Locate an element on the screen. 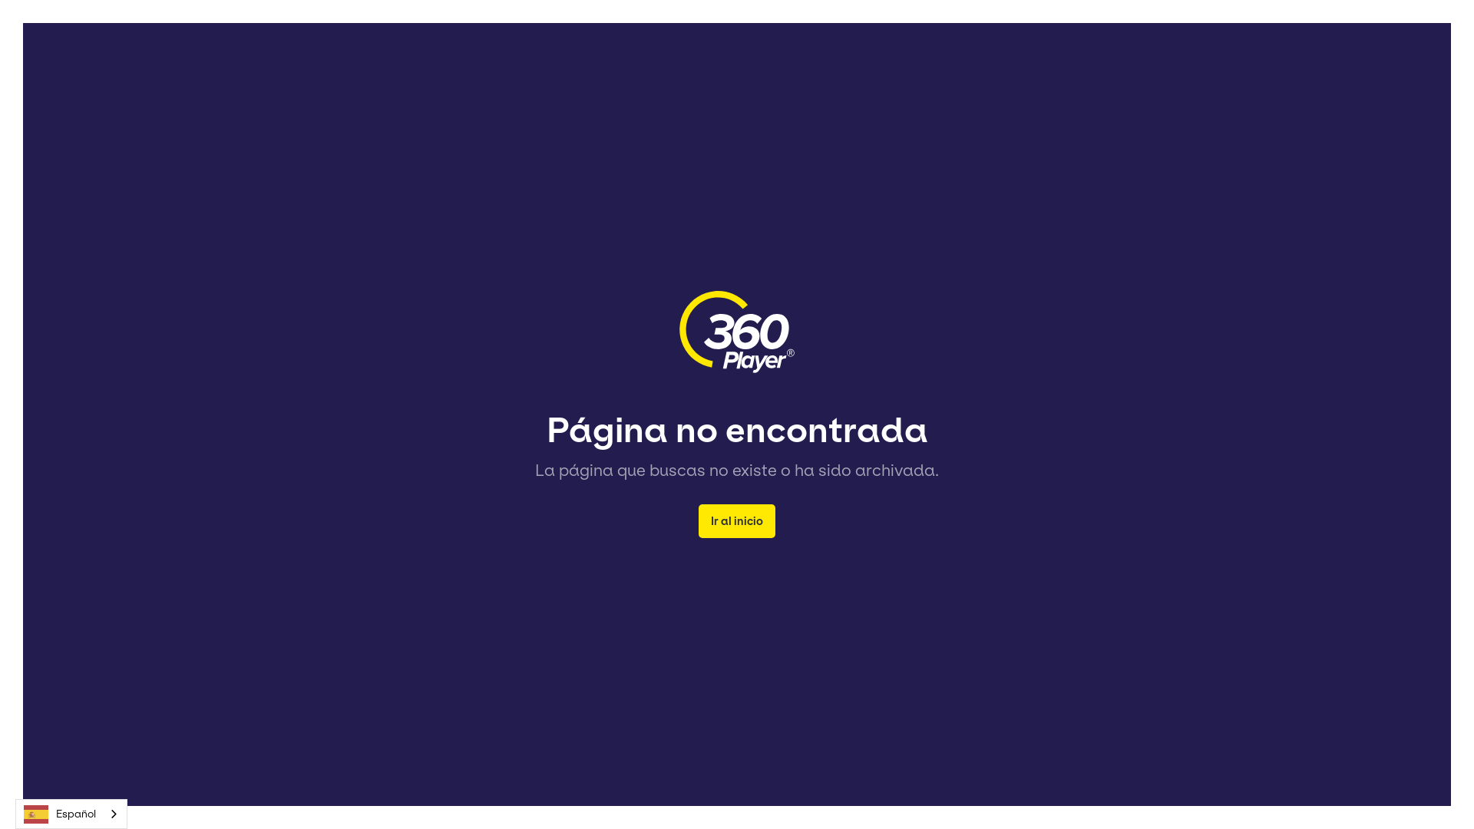 This screenshot has height=829, width=1474. 'Ir al inicio' is located at coordinates (737, 520).